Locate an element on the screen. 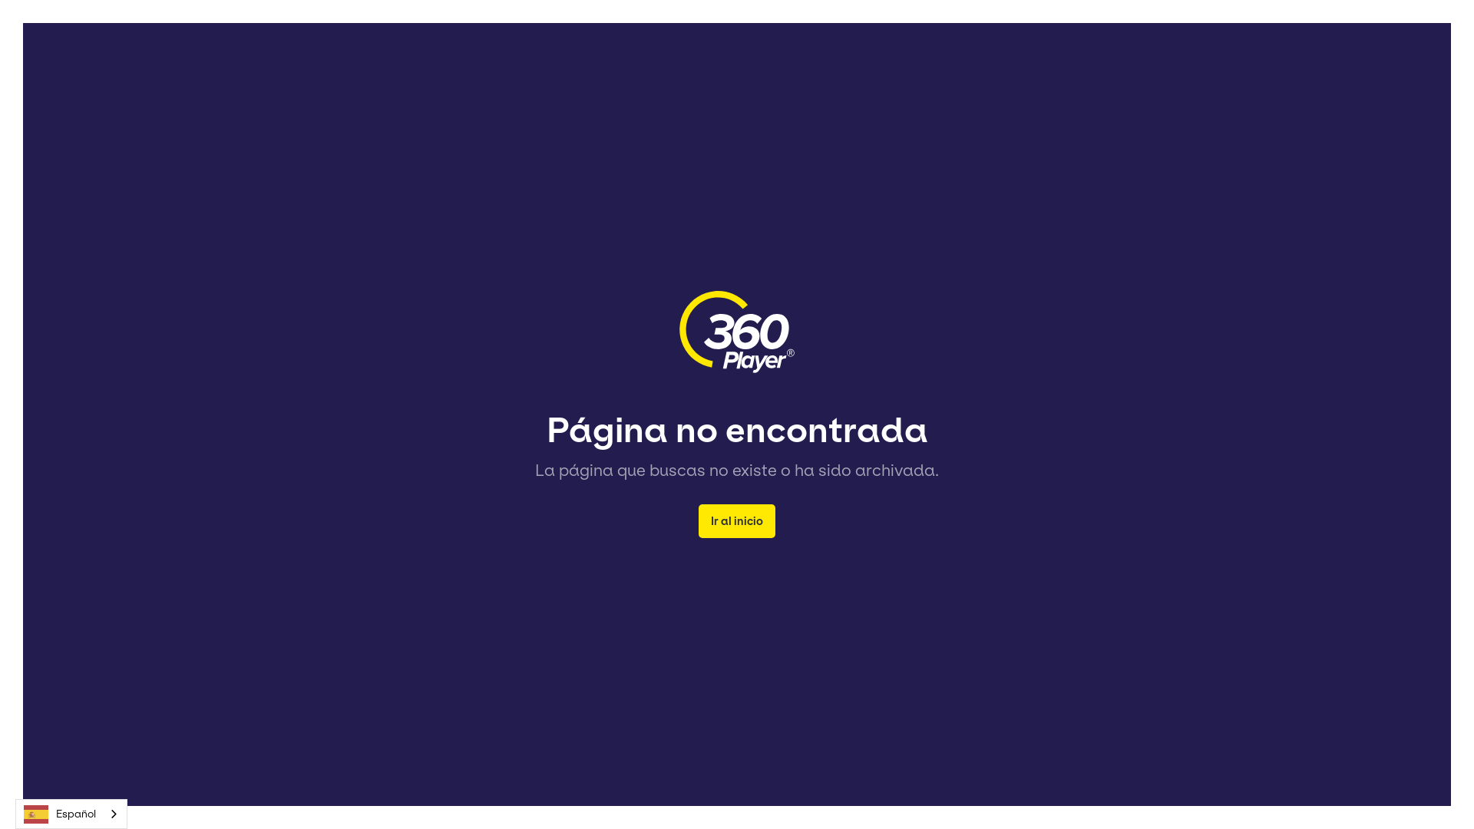 This screenshot has height=829, width=1474. 'Ir al inicio' is located at coordinates (737, 520).